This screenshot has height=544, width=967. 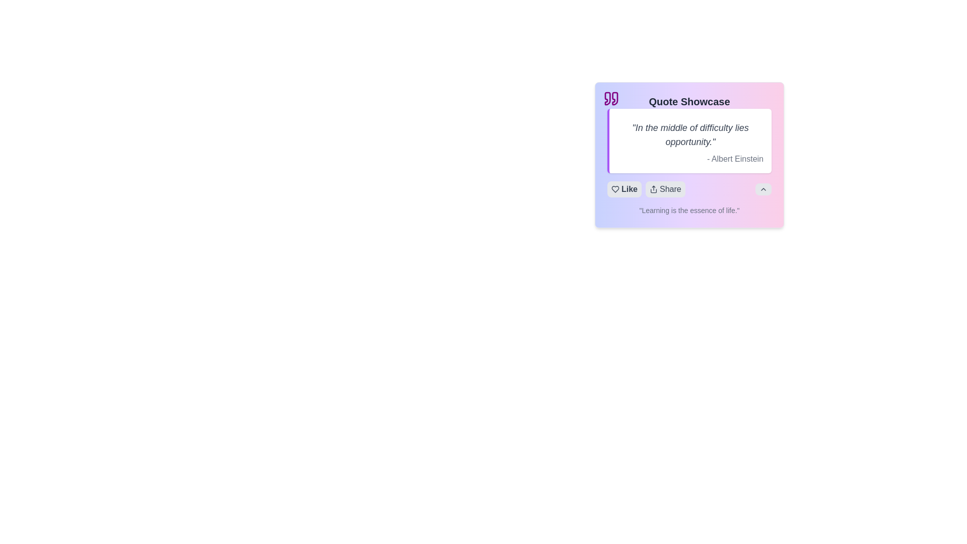 I want to click on the entire Interactive button group containing 'Like' and 'Share' buttons, so click(x=646, y=189).